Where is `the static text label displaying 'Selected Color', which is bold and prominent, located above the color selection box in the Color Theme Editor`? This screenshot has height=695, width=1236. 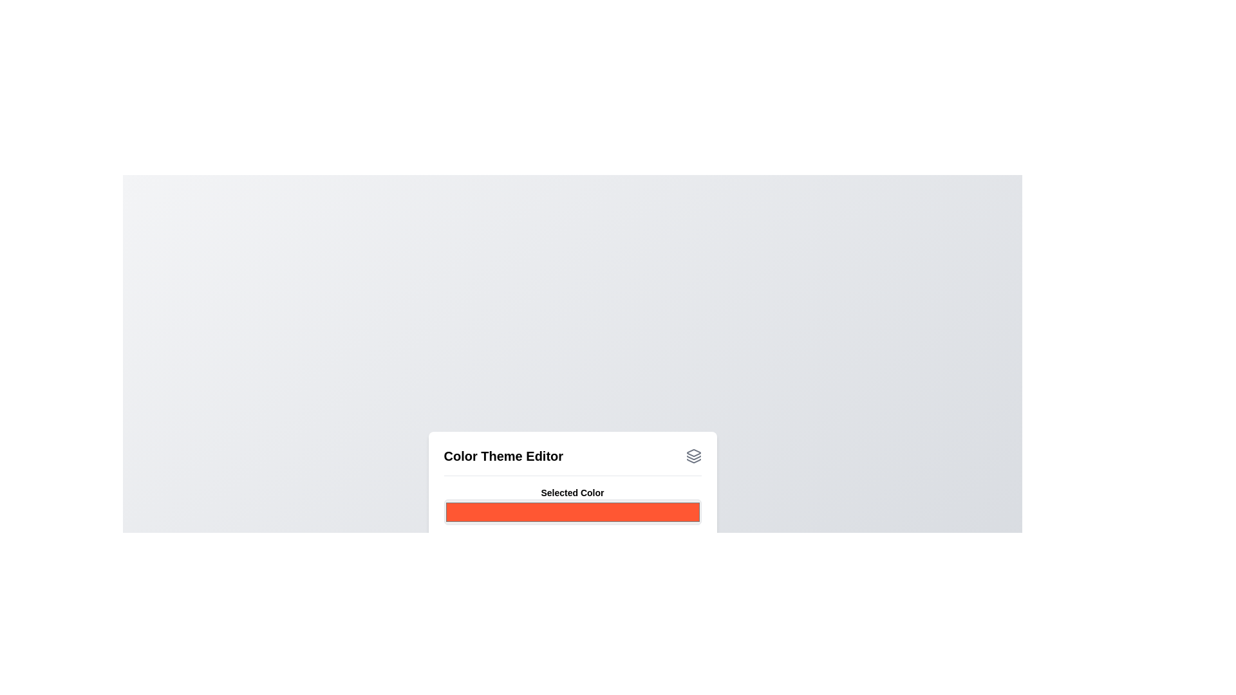 the static text label displaying 'Selected Color', which is bold and prominent, located above the color selection box in the Color Theme Editor is located at coordinates (572, 492).